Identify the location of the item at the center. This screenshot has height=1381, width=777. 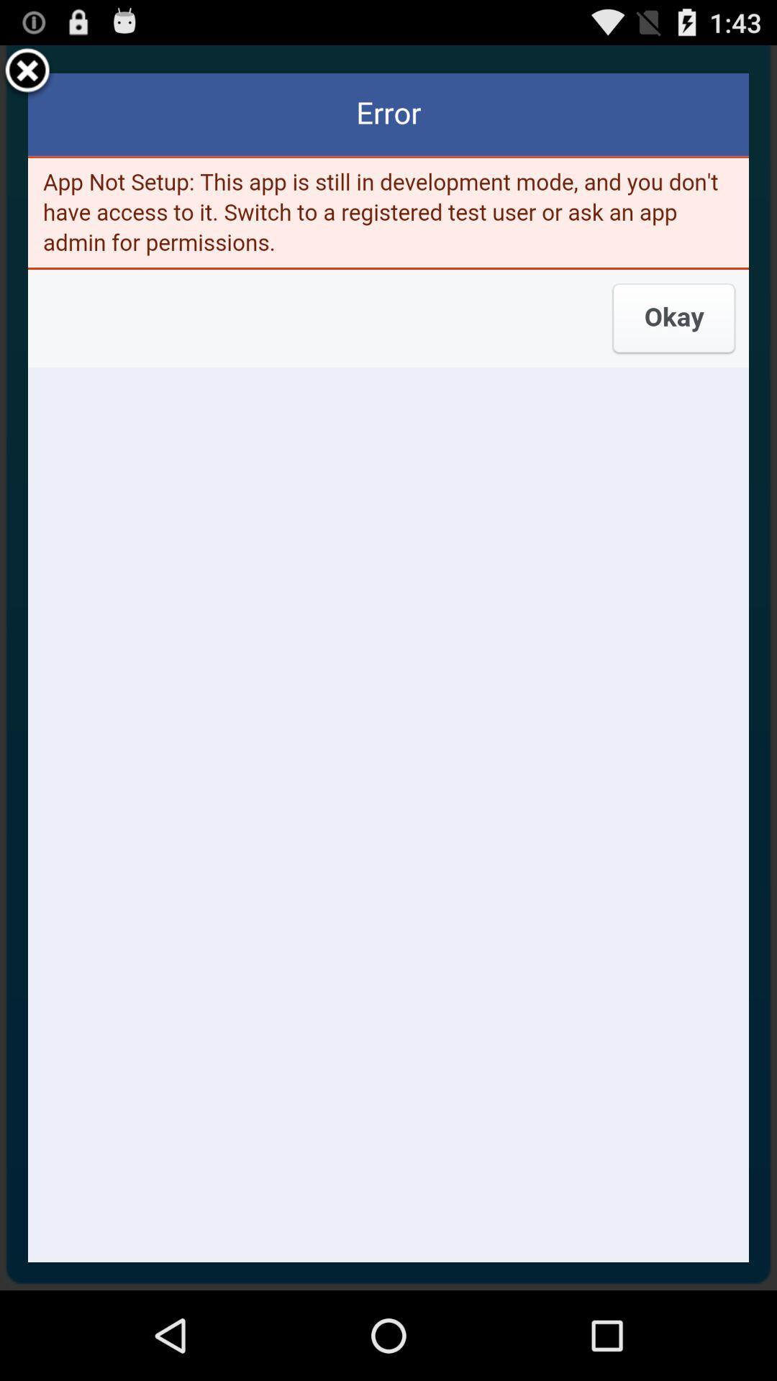
(388, 667).